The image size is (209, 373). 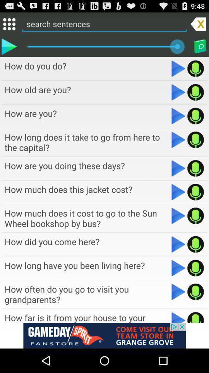 What do you see at coordinates (9, 46) in the screenshot?
I see `sentence` at bounding box center [9, 46].